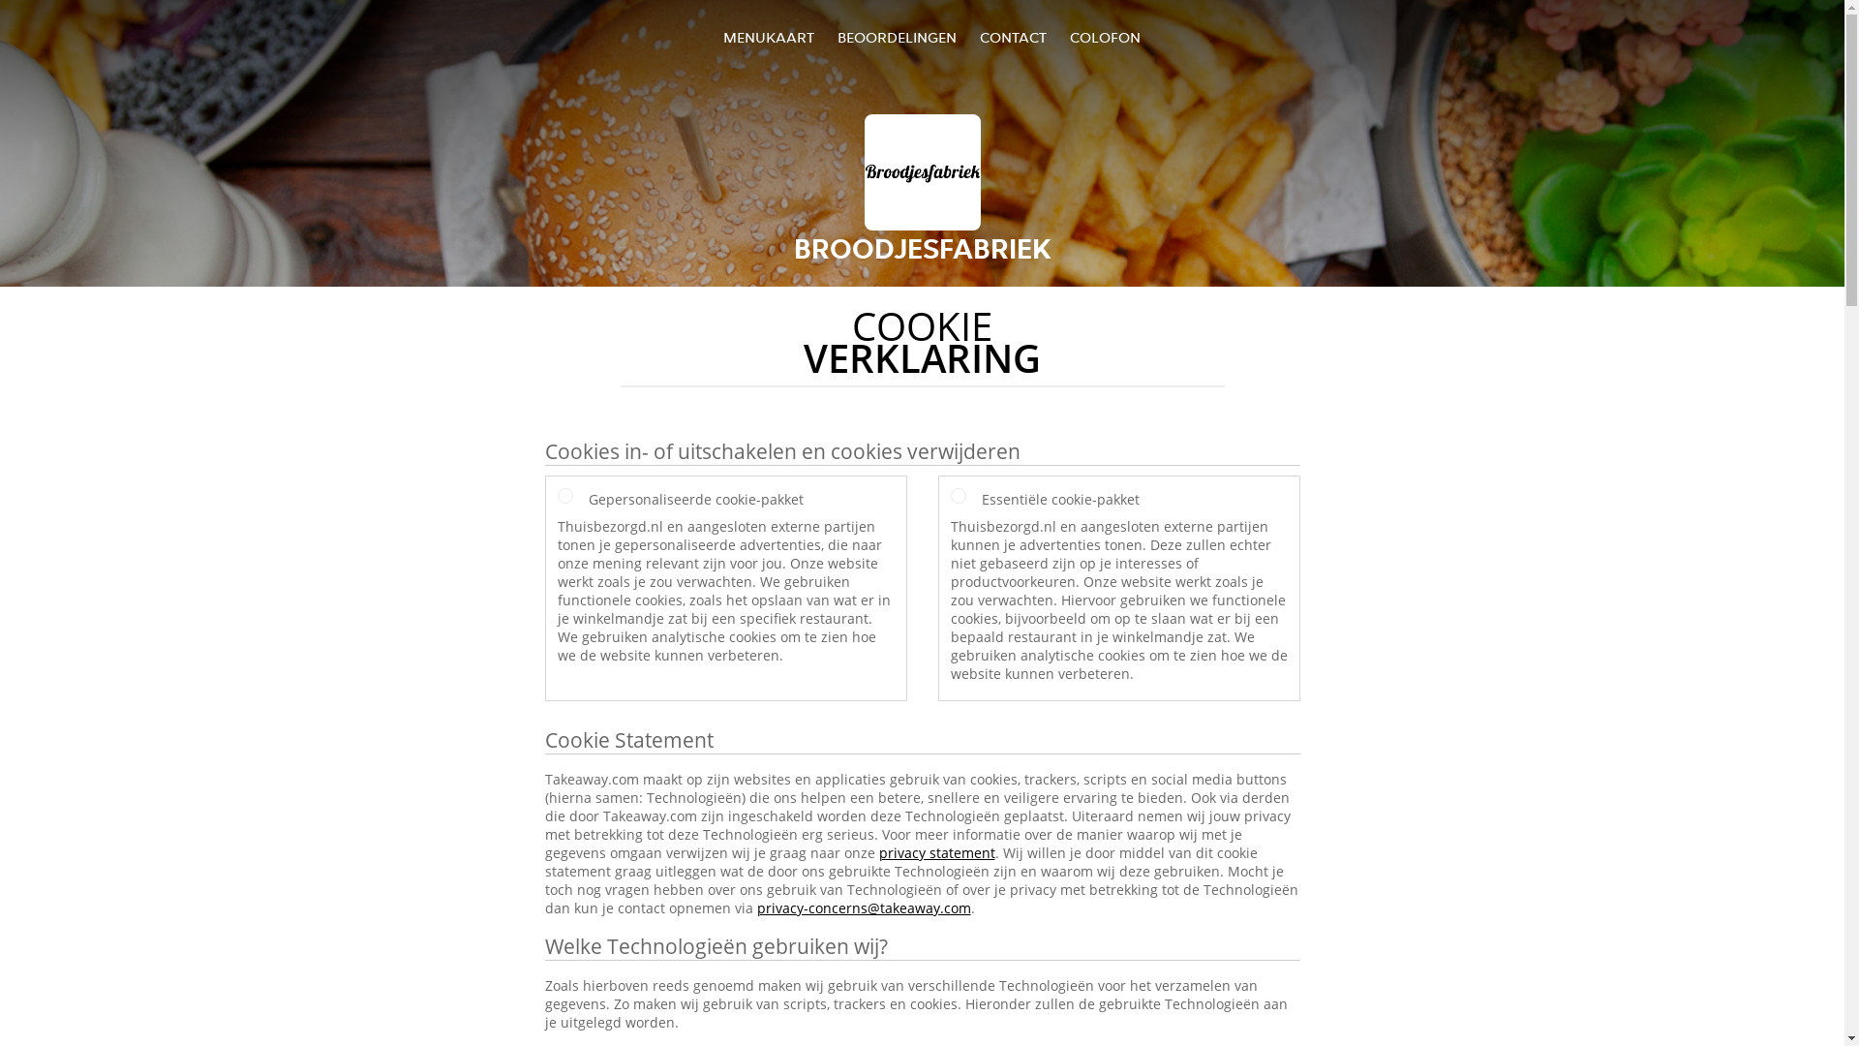 Image resolution: width=1859 pixels, height=1046 pixels. What do you see at coordinates (767, 37) in the screenshot?
I see `'MENUKAART'` at bounding box center [767, 37].